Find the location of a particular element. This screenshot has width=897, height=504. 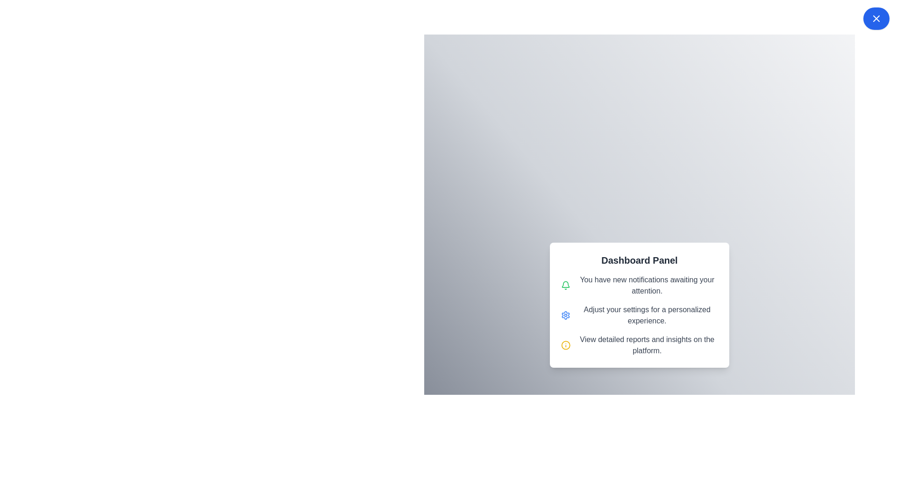

notification text from the Notification Indicator located directly under the 'Dashboard Panel' heading, which is the first element in a vertically stacked list is located at coordinates (639, 285).